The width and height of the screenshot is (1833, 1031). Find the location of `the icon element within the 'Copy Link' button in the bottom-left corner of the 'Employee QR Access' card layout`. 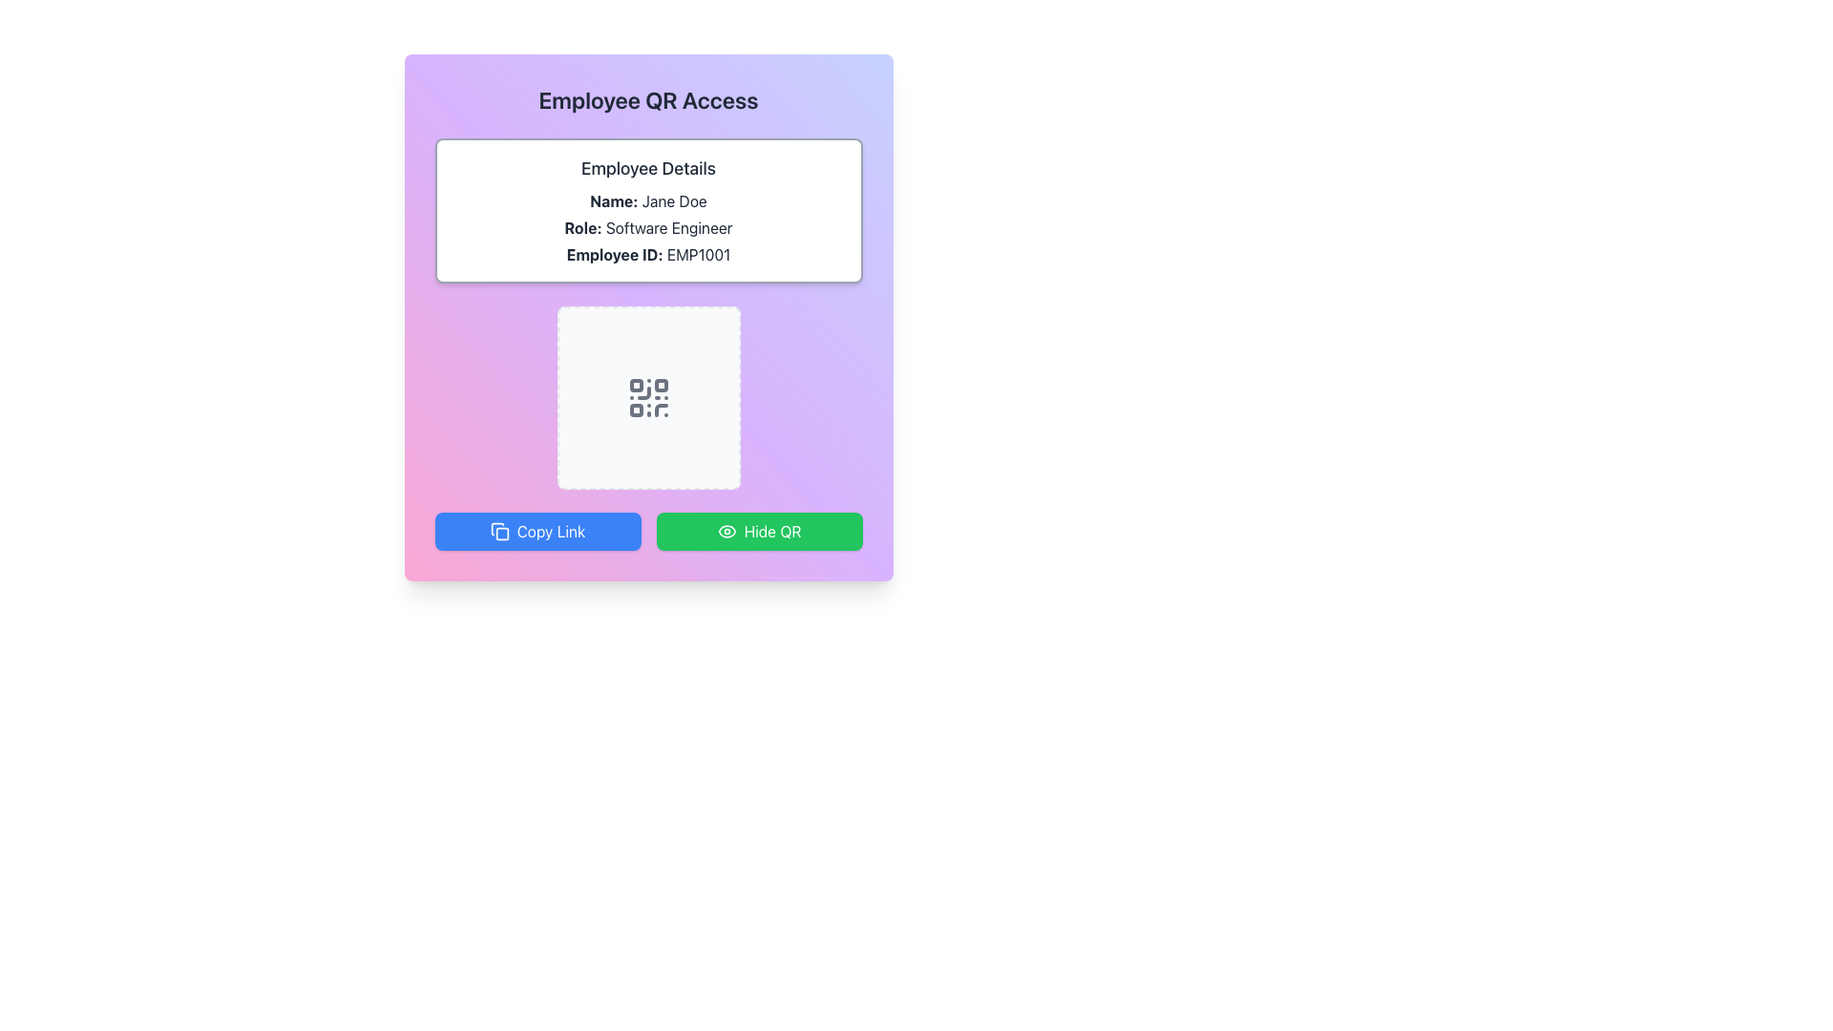

the icon element within the 'Copy Link' button in the bottom-left corner of the 'Employee QR Access' card layout is located at coordinates (502, 534).